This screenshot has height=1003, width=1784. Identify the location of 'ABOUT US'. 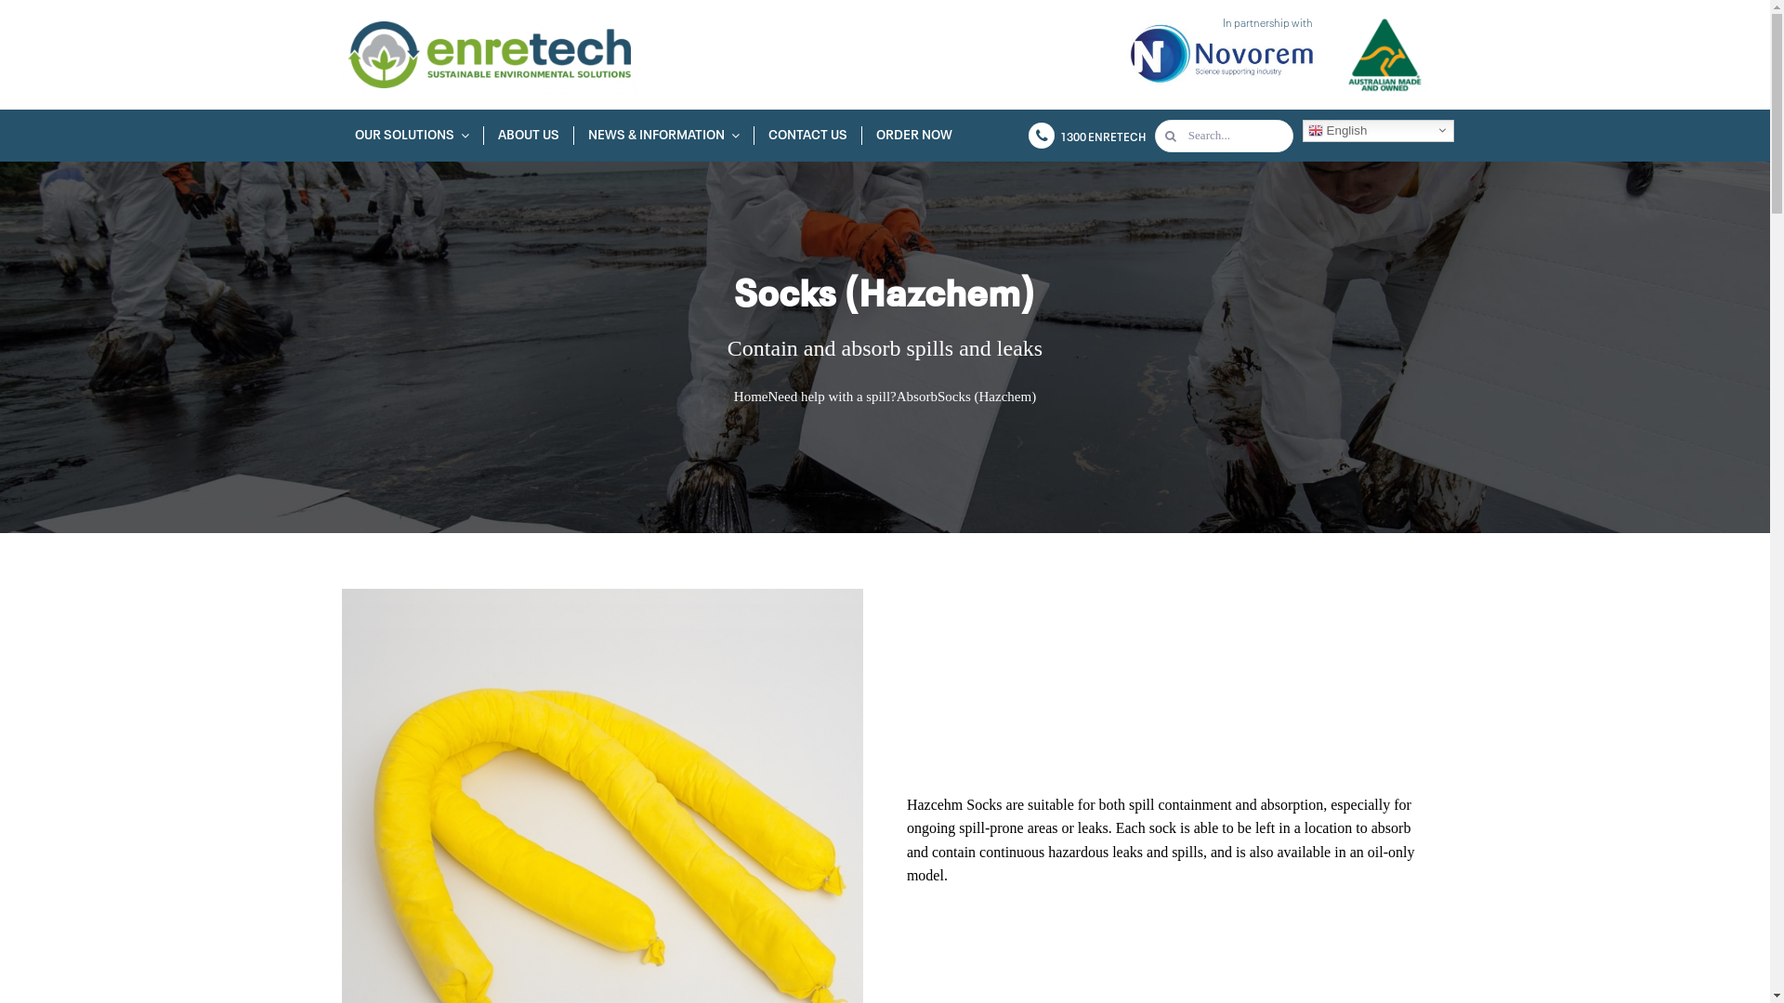
(528, 135).